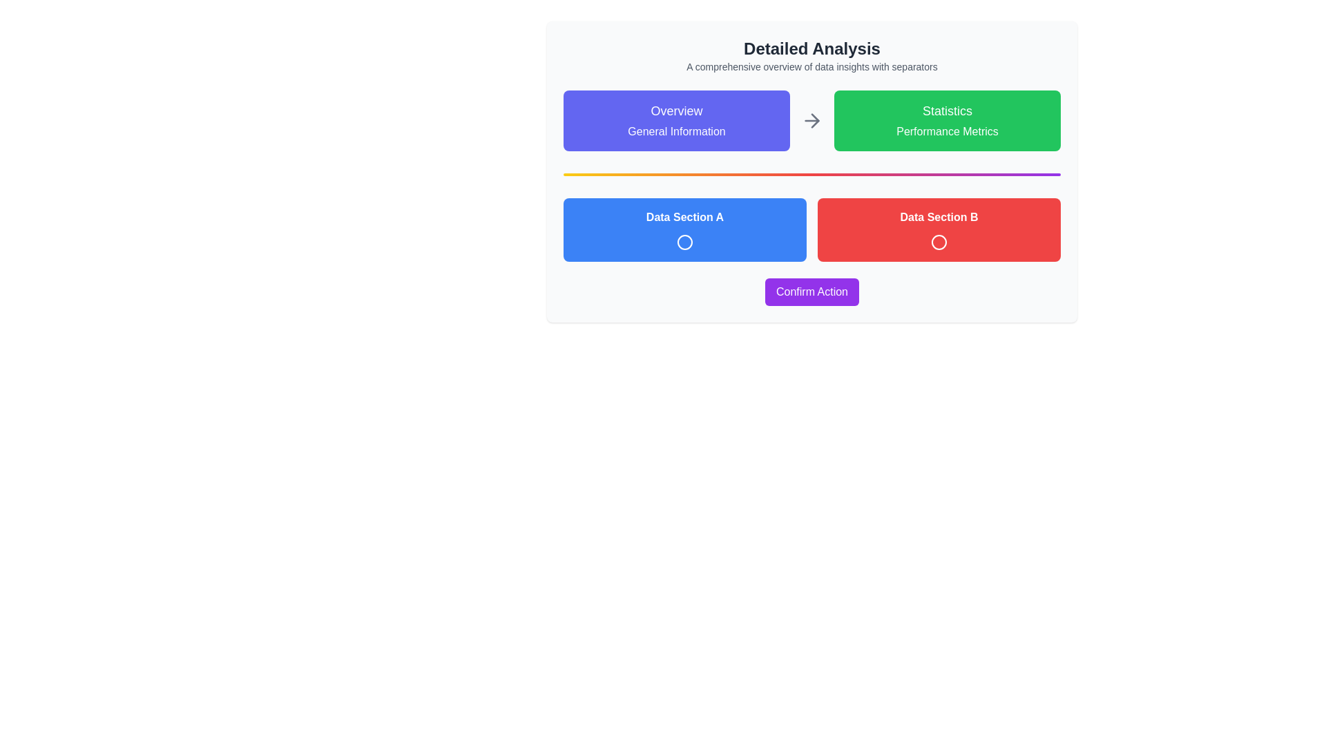  Describe the element at coordinates (947, 119) in the screenshot. I see `the informational button that provides access to performance statistics, located to the right of the 'Overview General Information' purple box` at that location.